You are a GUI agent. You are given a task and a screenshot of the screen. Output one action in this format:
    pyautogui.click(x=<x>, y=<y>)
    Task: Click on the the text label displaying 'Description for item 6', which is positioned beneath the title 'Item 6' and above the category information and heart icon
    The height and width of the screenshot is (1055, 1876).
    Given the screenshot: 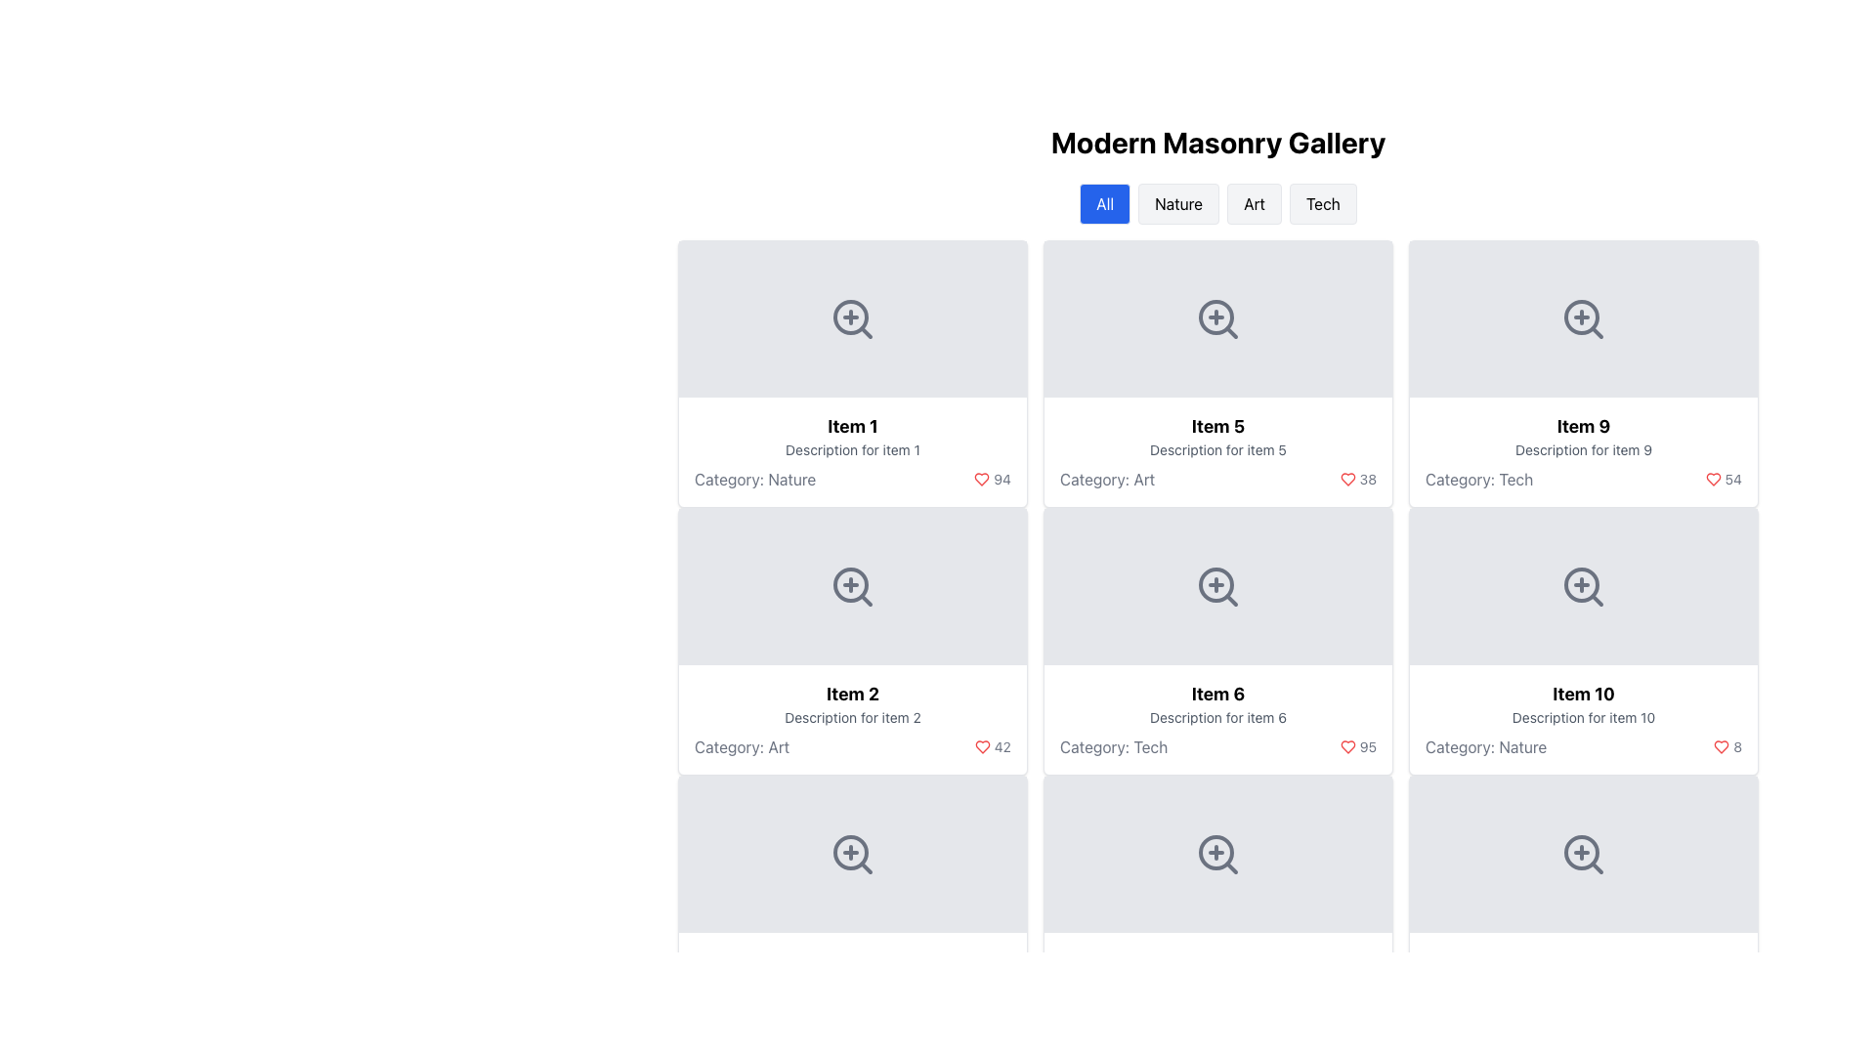 What is the action you would take?
    pyautogui.click(x=1217, y=718)
    